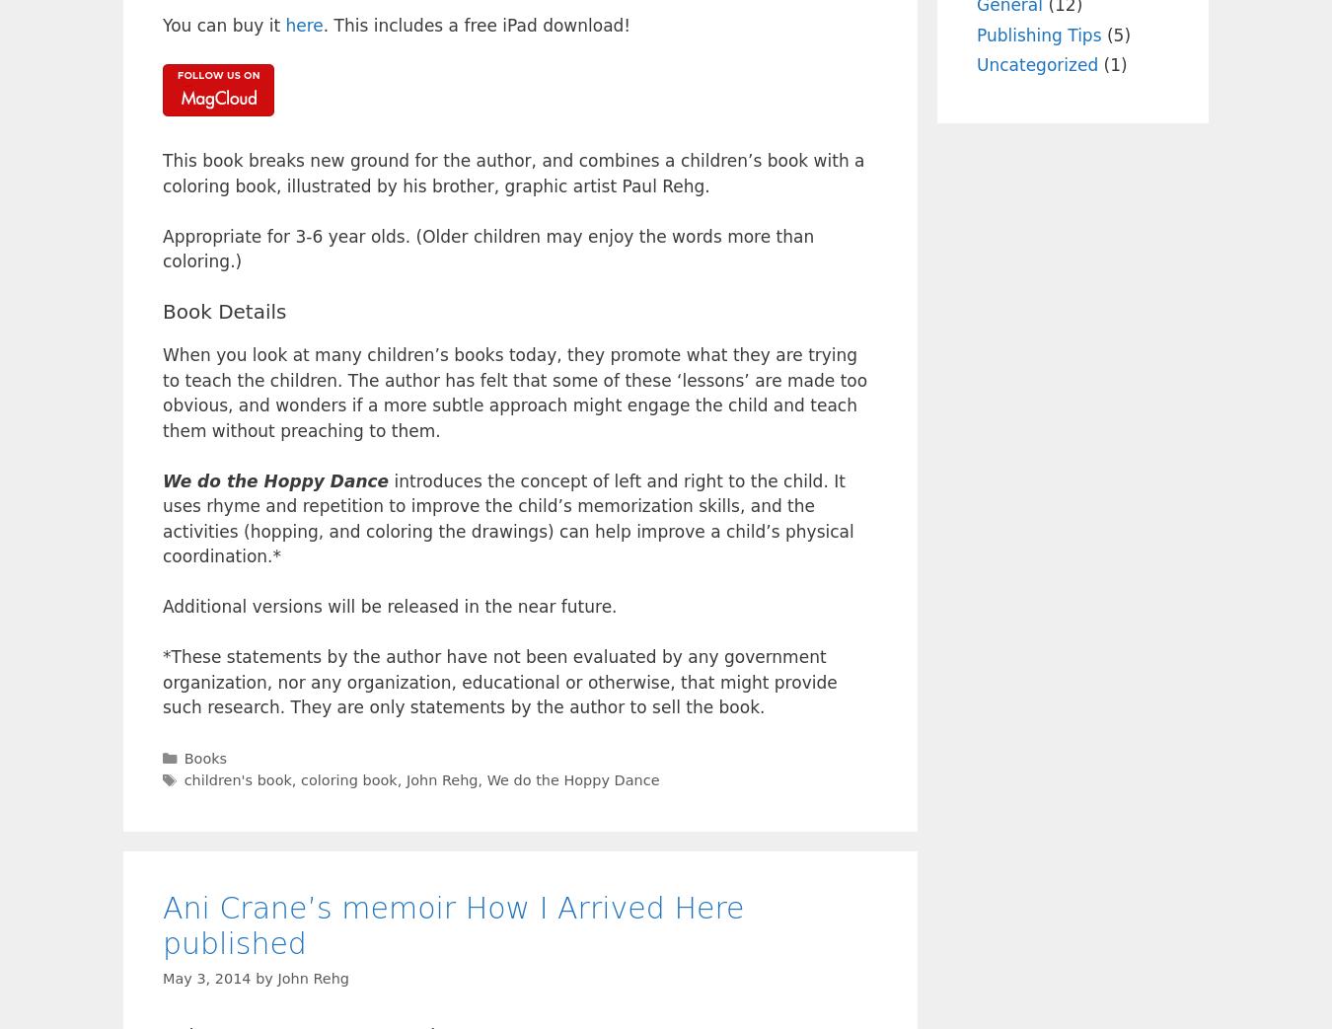 This screenshot has width=1332, height=1029. What do you see at coordinates (487, 248) in the screenshot?
I see `'Appropriate for 3-6 year olds. (Older children may enjoy the words more than coloring.)'` at bounding box center [487, 248].